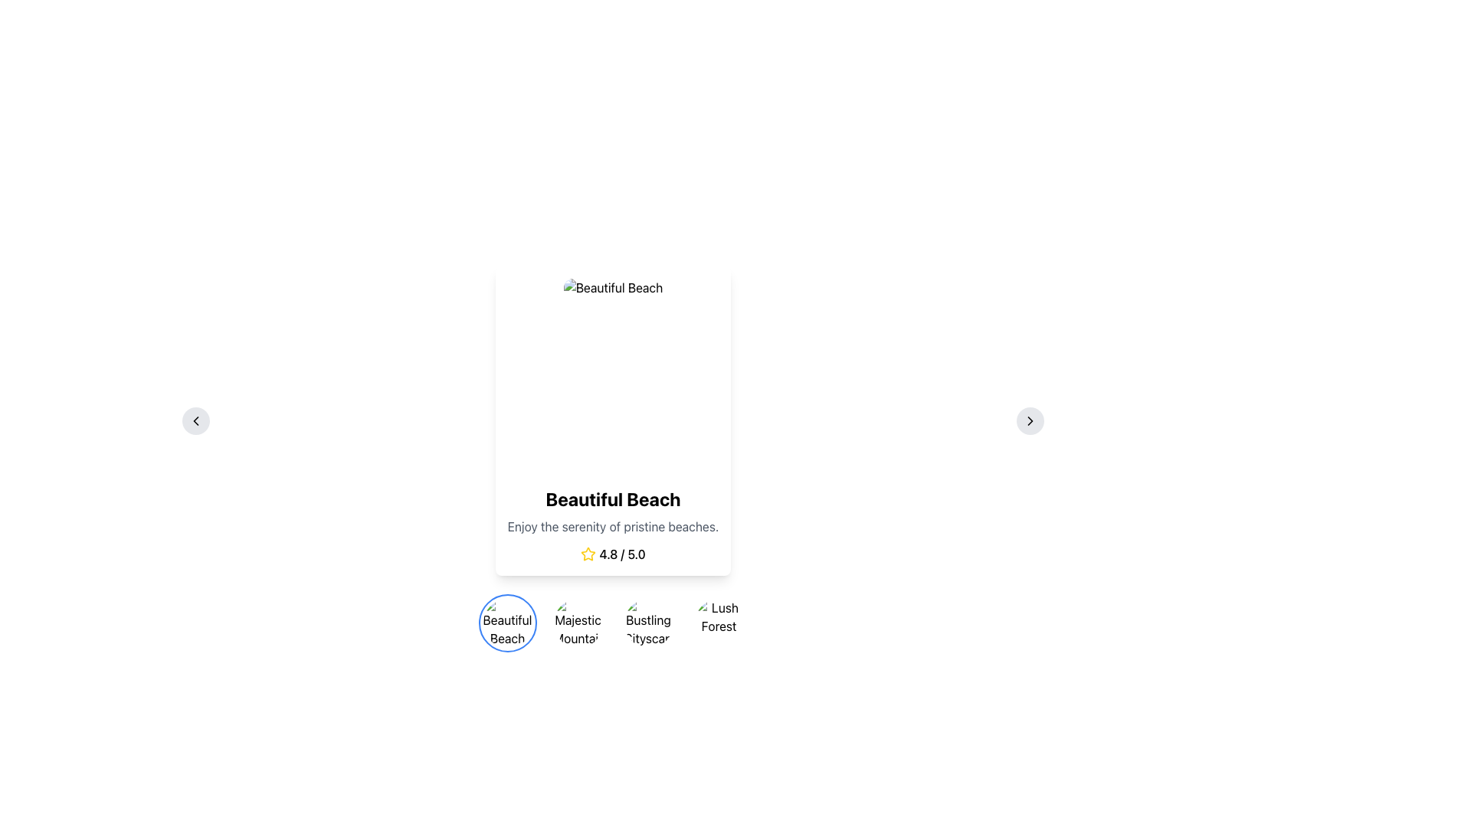  What do you see at coordinates (588, 554) in the screenshot?
I see `the star icon representing a high rating of '4.8 / 5.0' for the item 'Beautiful Beach'` at bounding box center [588, 554].